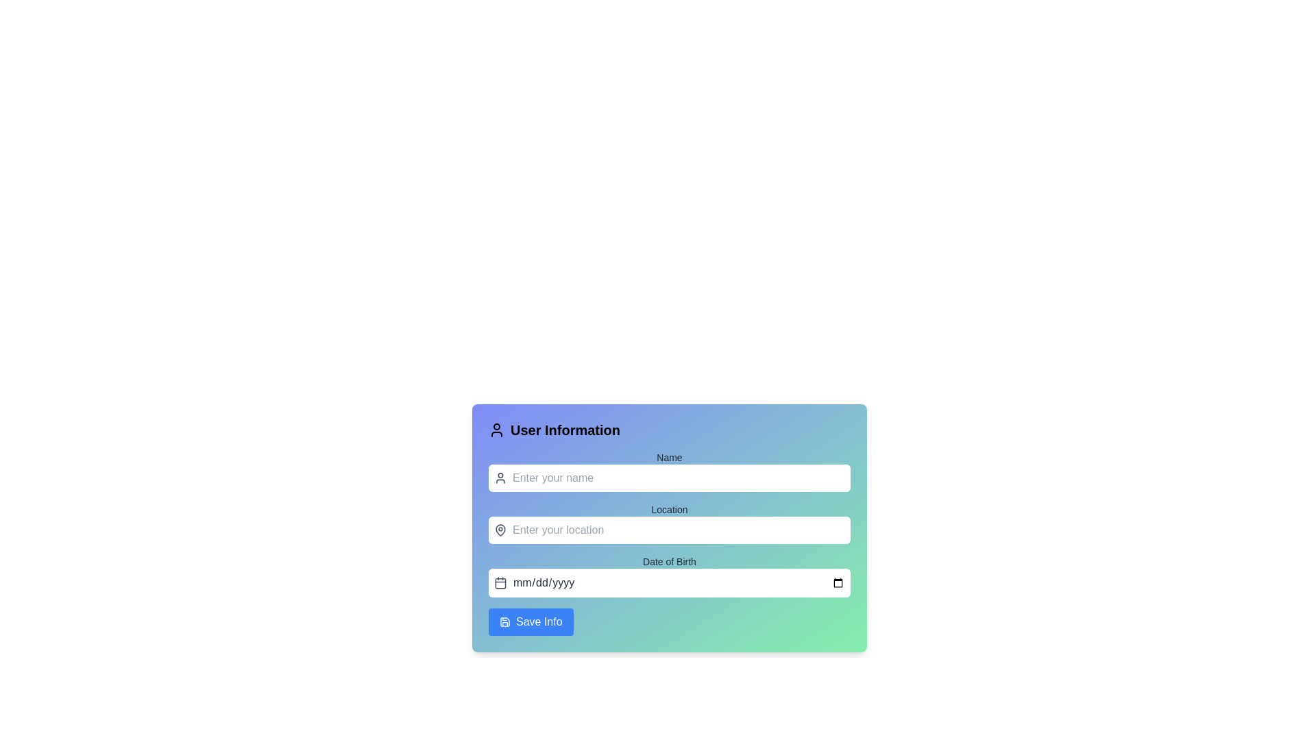 This screenshot has width=1316, height=740. Describe the element at coordinates (679, 583) in the screenshot. I see `the Date Input Field for 'Date of Birth' located in the lower part of the 'User Information' form by selecting and inputting a date using a touchscreen` at that location.